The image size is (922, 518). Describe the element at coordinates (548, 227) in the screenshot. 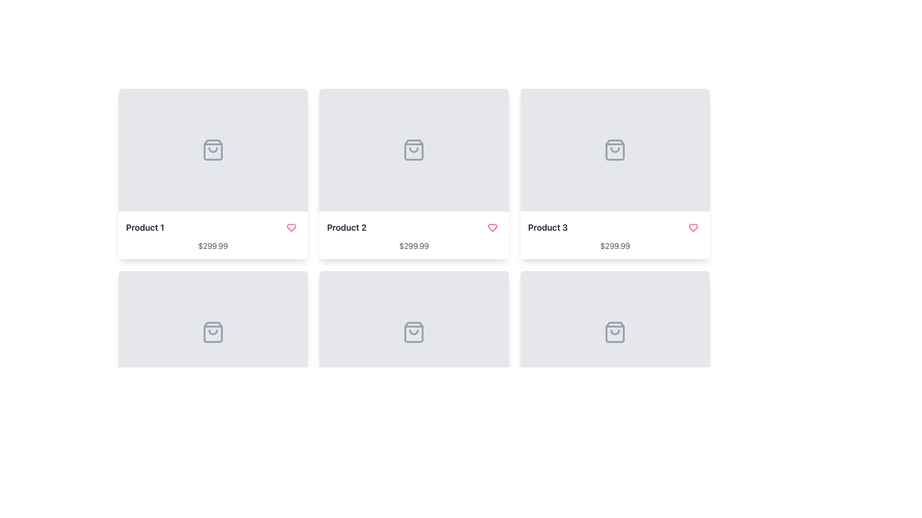

I see `the non-interactive text label that identifies 'Product 3', positioned center-aligned in the top row of the card layout, to the left of the heart icon` at that location.